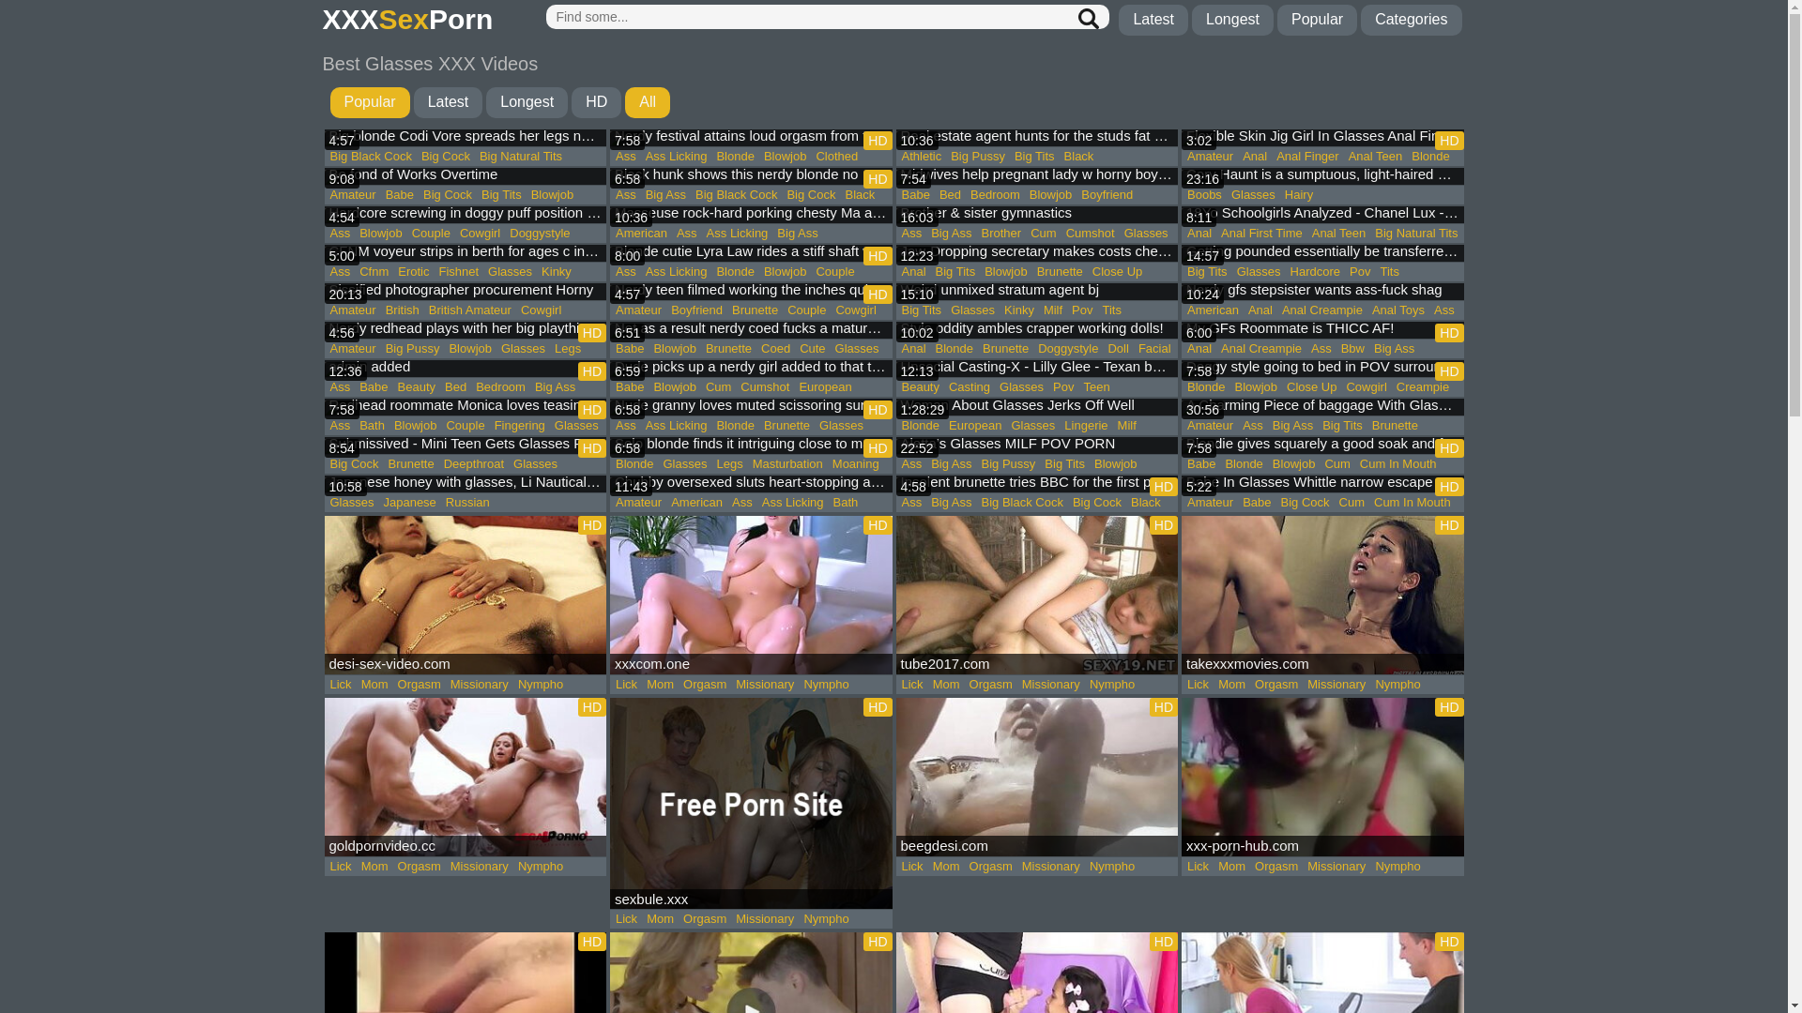 Image resolution: width=1802 pixels, height=1013 pixels. Describe the element at coordinates (759, 155) in the screenshot. I see `'Blowjob'` at that location.